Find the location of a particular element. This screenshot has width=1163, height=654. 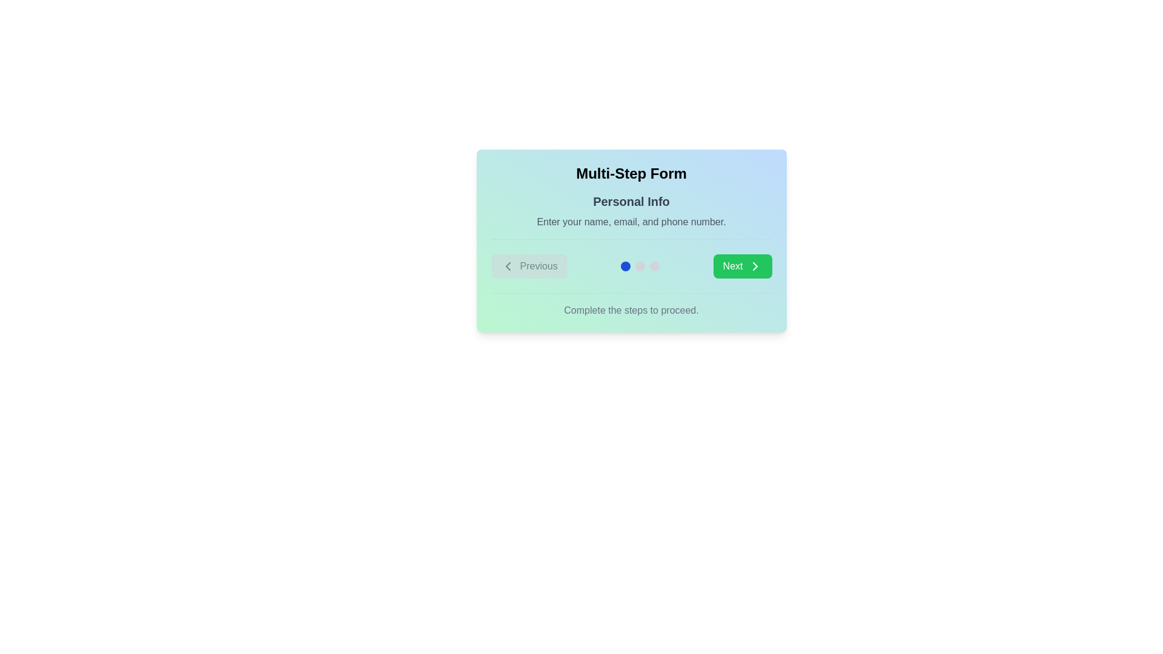

the first step indicator dot in the multi-step form, which visually signals the current step of the user is located at coordinates (626, 265).